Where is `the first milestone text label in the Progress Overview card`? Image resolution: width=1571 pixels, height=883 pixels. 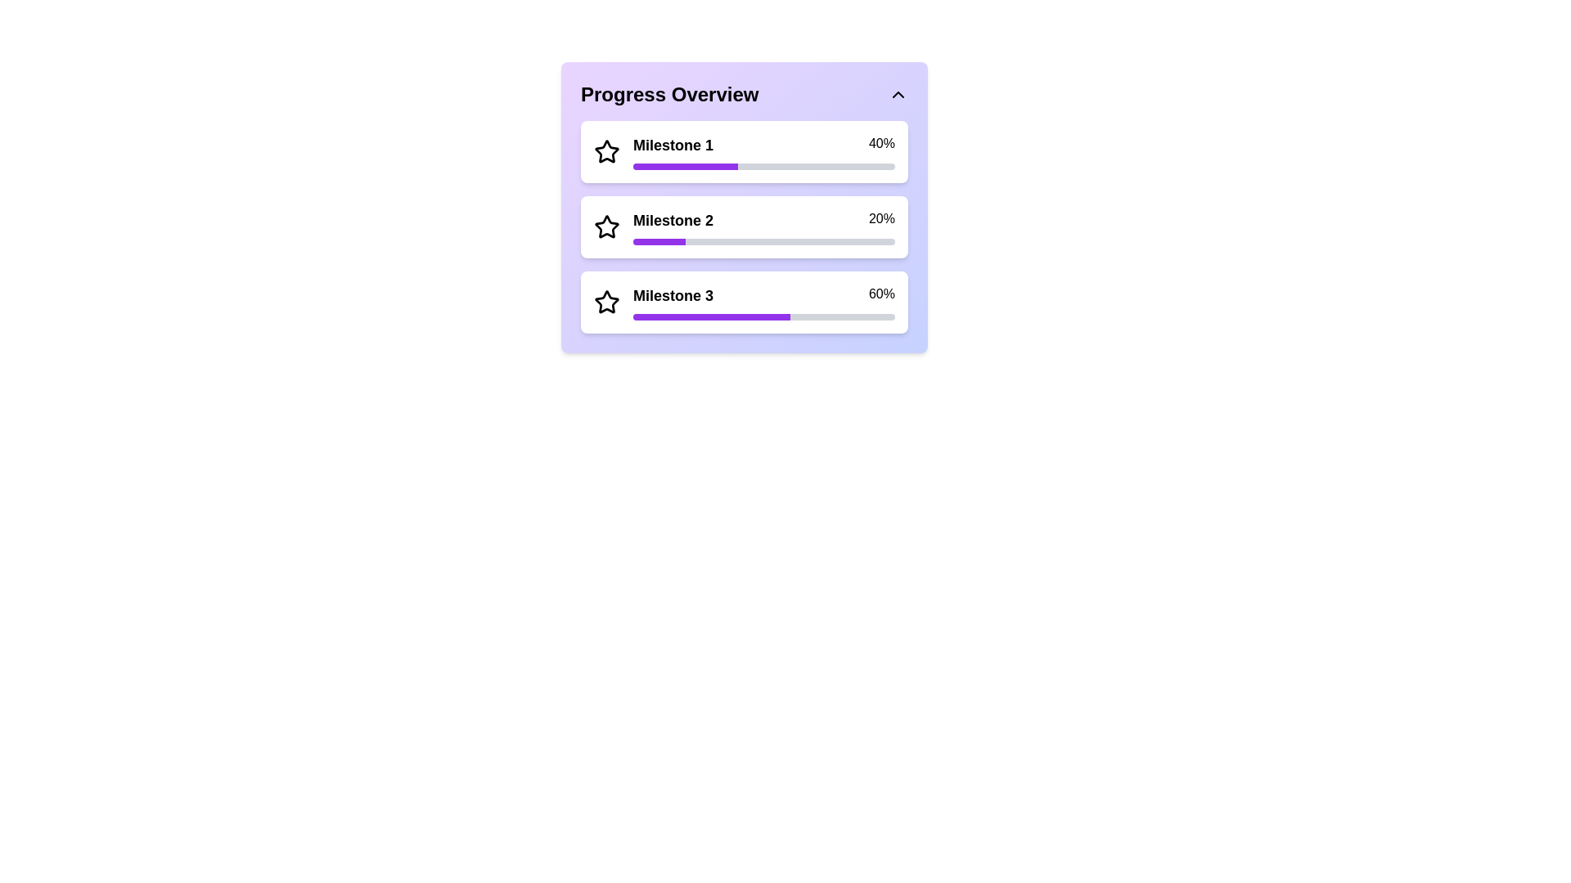 the first milestone text label in the Progress Overview card is located at coordinates (673, 144).